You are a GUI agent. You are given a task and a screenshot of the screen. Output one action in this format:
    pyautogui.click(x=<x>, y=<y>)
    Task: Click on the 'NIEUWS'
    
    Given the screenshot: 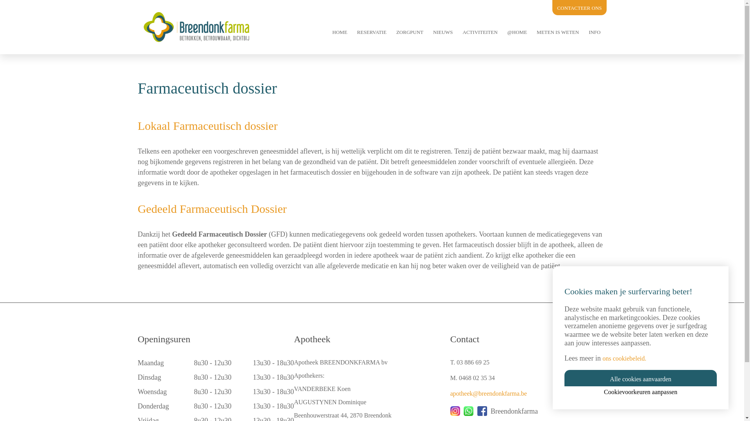 What is the action you would take?
    pyautogui.click(x=443, y=31)
    